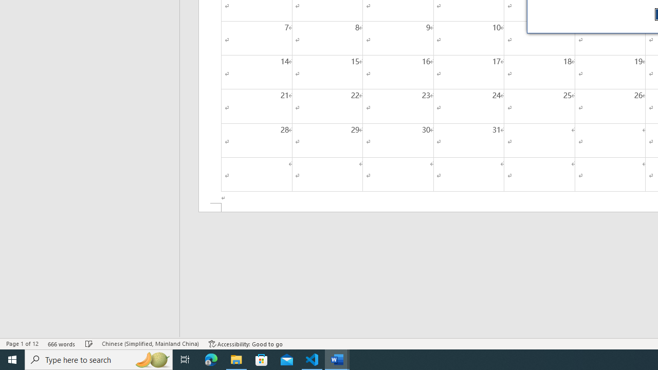 Image resolution: width=658 pixels, height=370 pixels. I want to click on 'Visual Studio Code - 1 running window', so click(312, 359).